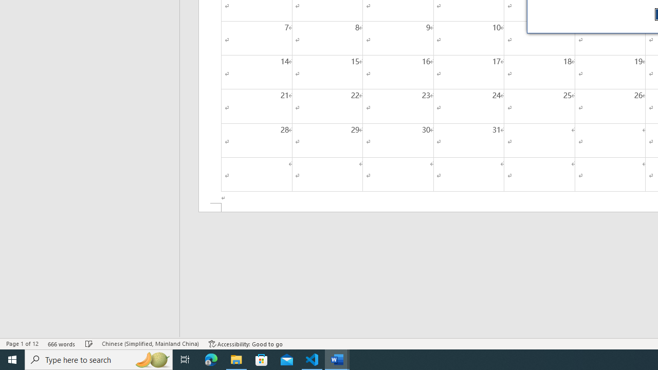 Image resolution: width=658 pixels, height=370 pixels. I want to click on 'Visual Studio Code - 1 running window', so click(312, 359).